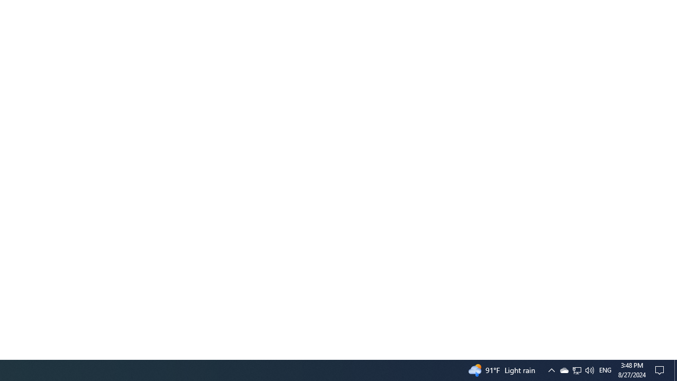 Image resolution: width=677 pixels, height=381 pixels. What do you see at coordinates (551, 369) in the screenshot?
I see `'Notification Chevron'` at bounding box center [551, 369].